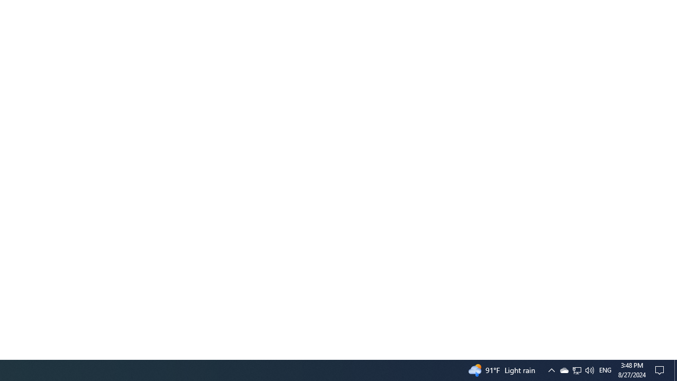 Image resolution: width=677 pixels, height=381 pixels. What do you see at coordinates (551, 369) in the screenshot?
I see `'Notification Chevron'` at bounding box center [551, 369].